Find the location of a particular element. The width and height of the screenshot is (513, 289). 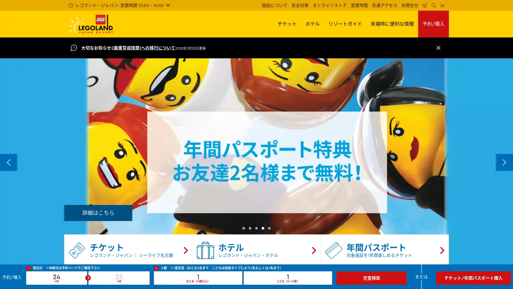

Go to slide 3 is located at coordinates (256, 228).